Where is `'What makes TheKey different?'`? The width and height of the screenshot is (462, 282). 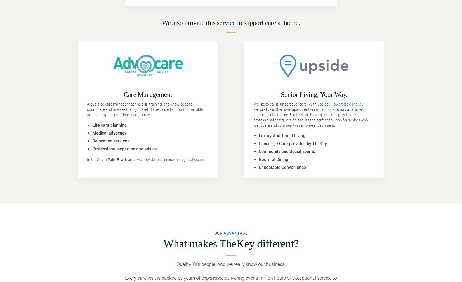 'What makes TheKey different?' is located at coordinates (231, 243).